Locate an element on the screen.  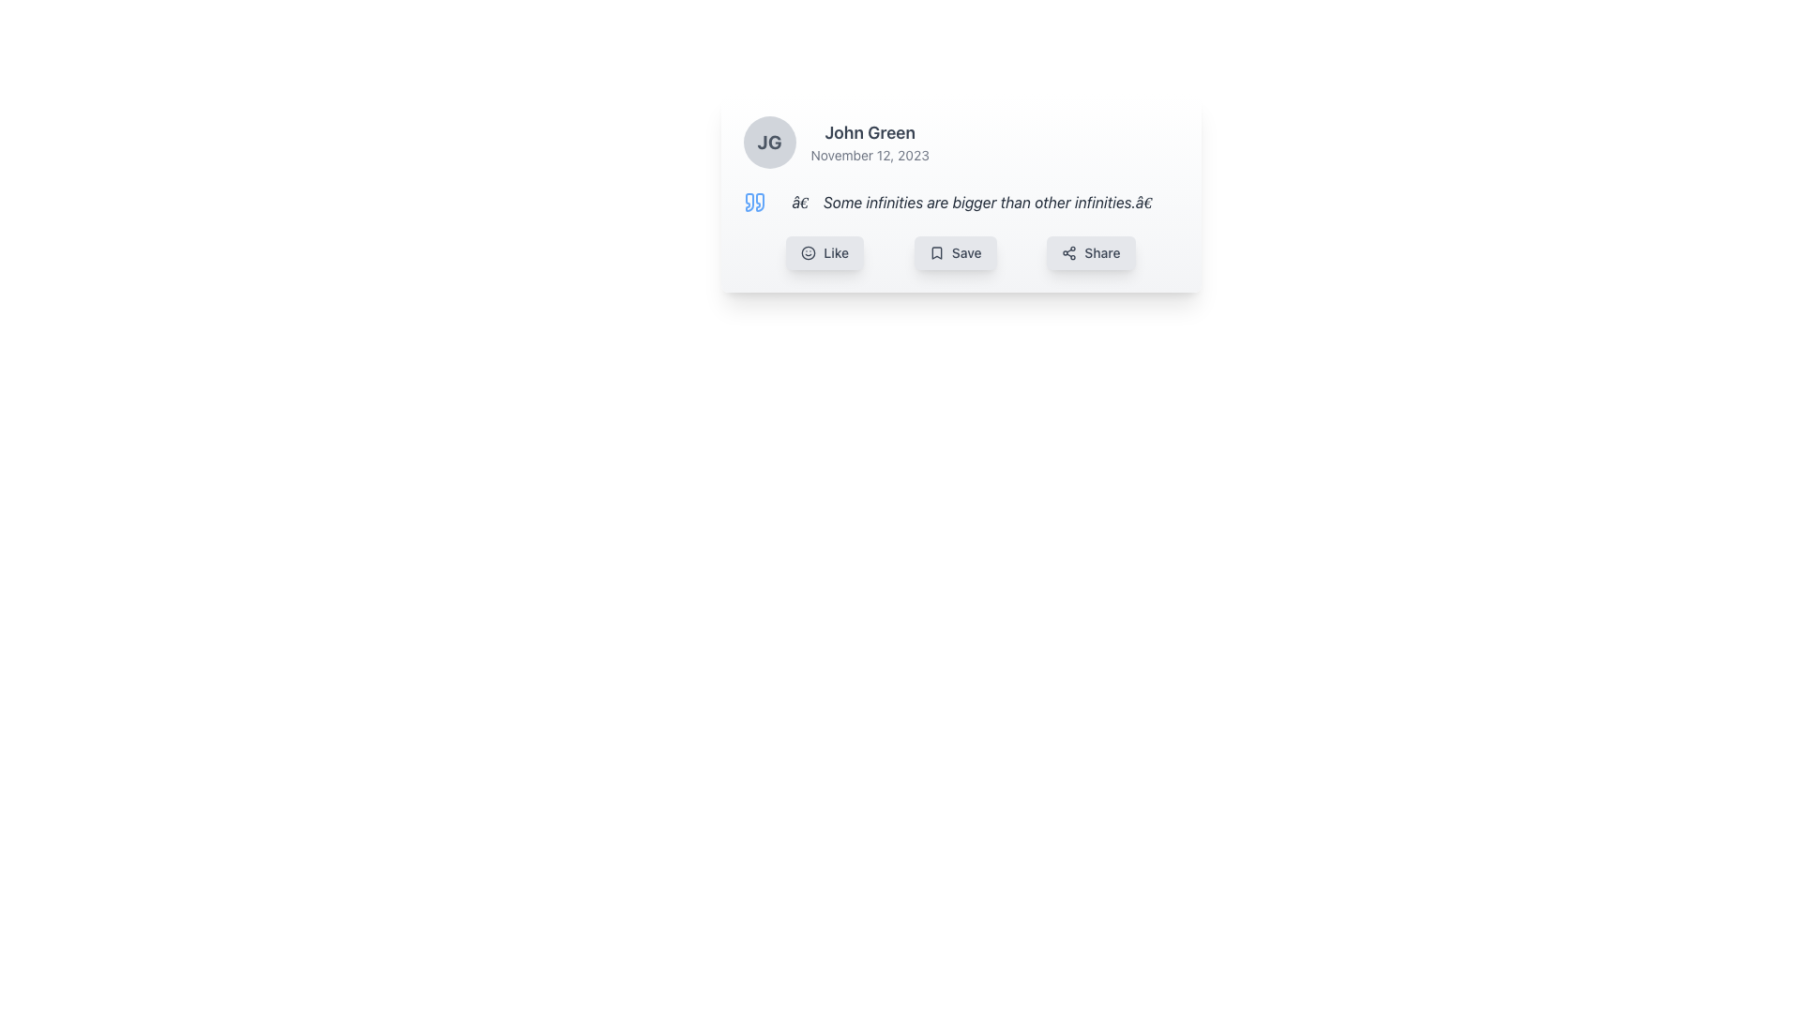
Text Label that identifies the user as 'John Green', located centrally above the date 'November 12, 2023', within the card-like layout is located at coordinates (869, 132).